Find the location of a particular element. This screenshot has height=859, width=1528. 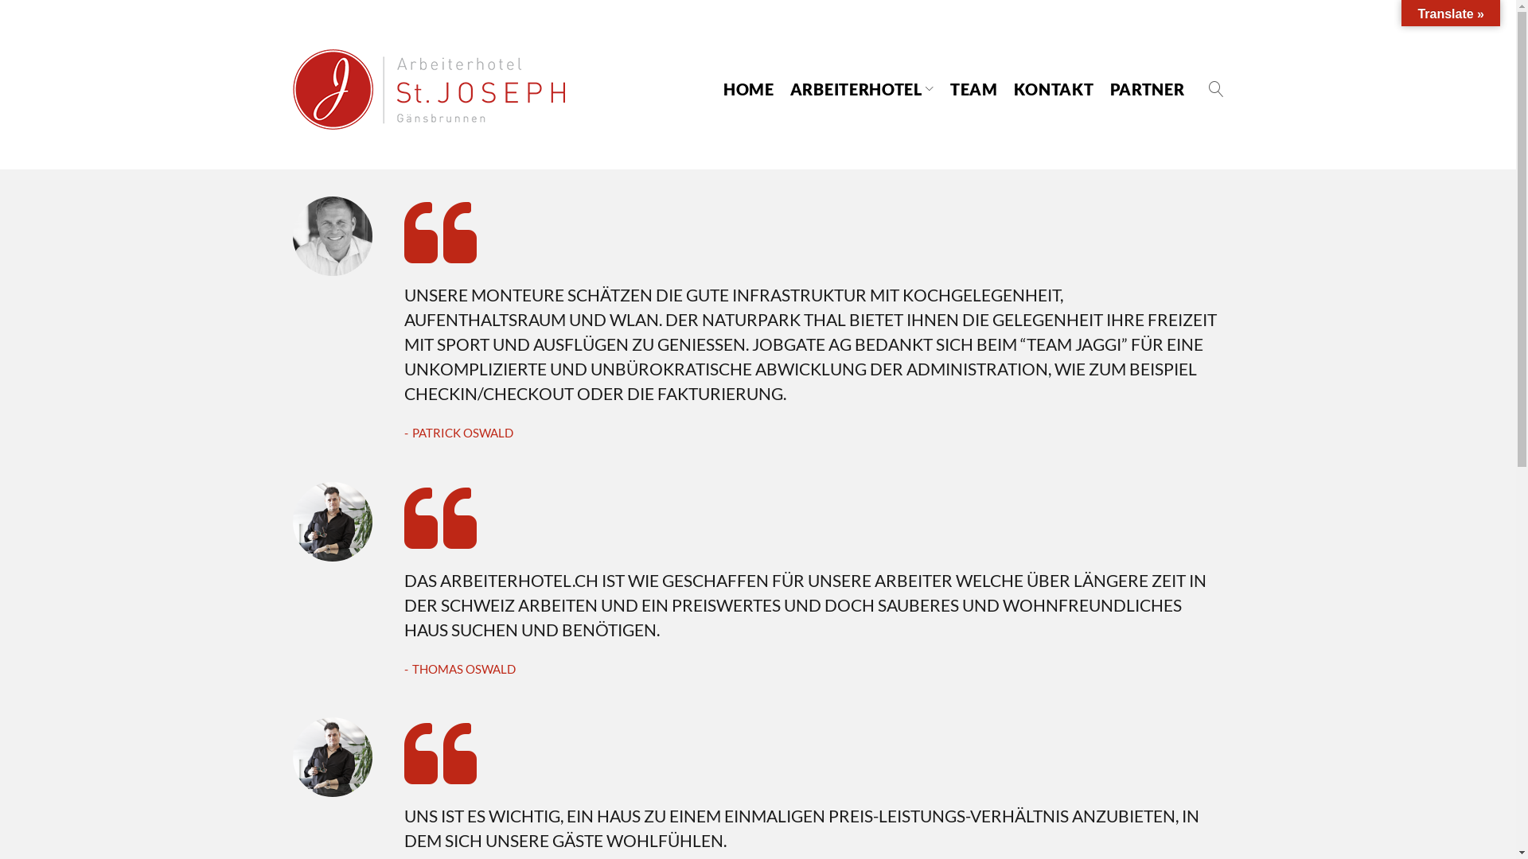

'HOME' is located at coordinates (747, 89).